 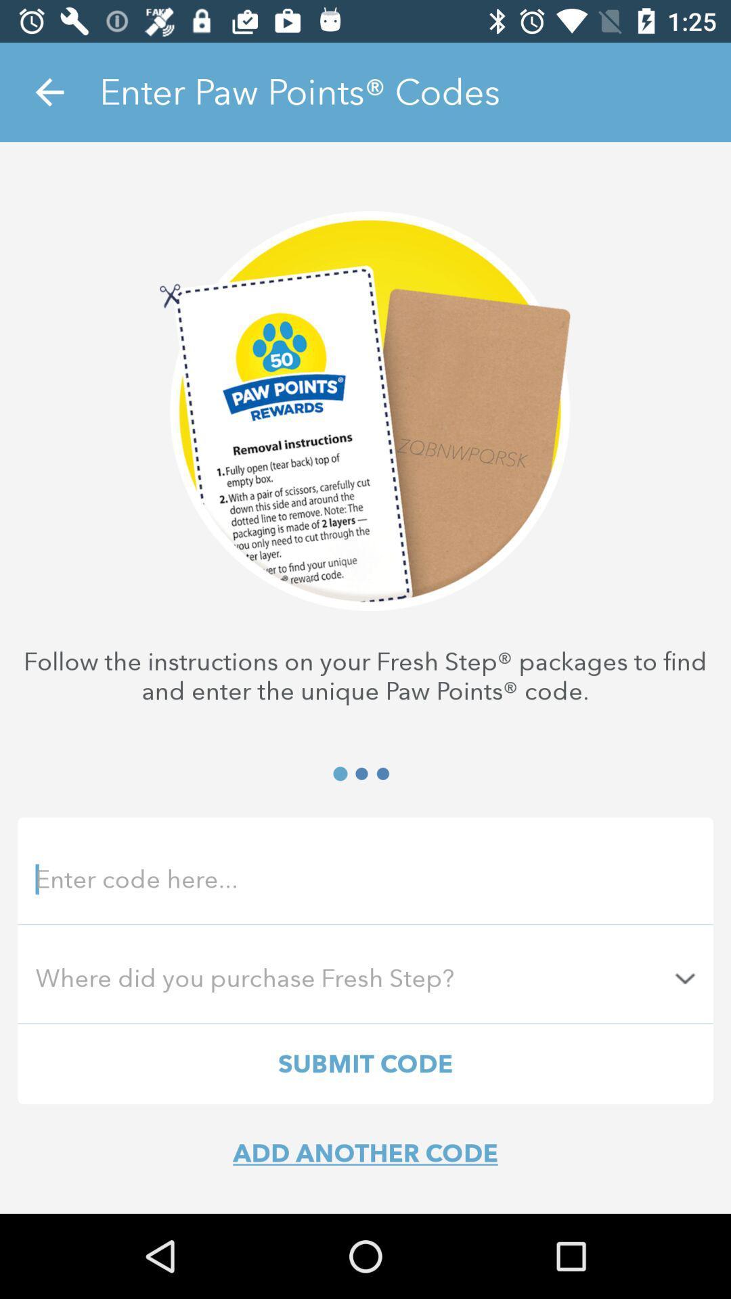 I want to click on the add another code item, so click(x=365, y=1152).